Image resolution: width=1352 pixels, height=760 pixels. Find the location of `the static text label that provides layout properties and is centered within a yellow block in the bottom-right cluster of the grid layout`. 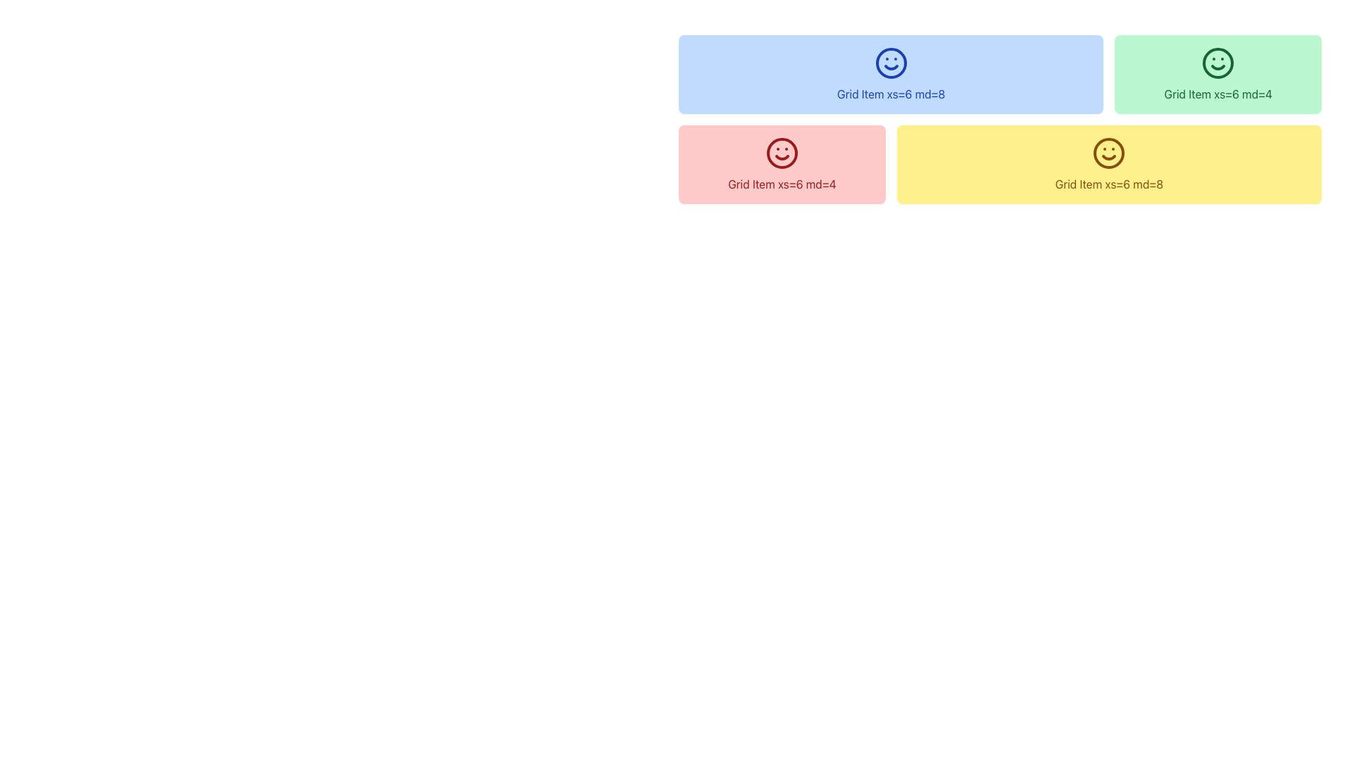

the static text label that provides layout properties and is centered within a yellow block in the bottom-right cluster of the grid layout is located at coordinates (1108, 184).